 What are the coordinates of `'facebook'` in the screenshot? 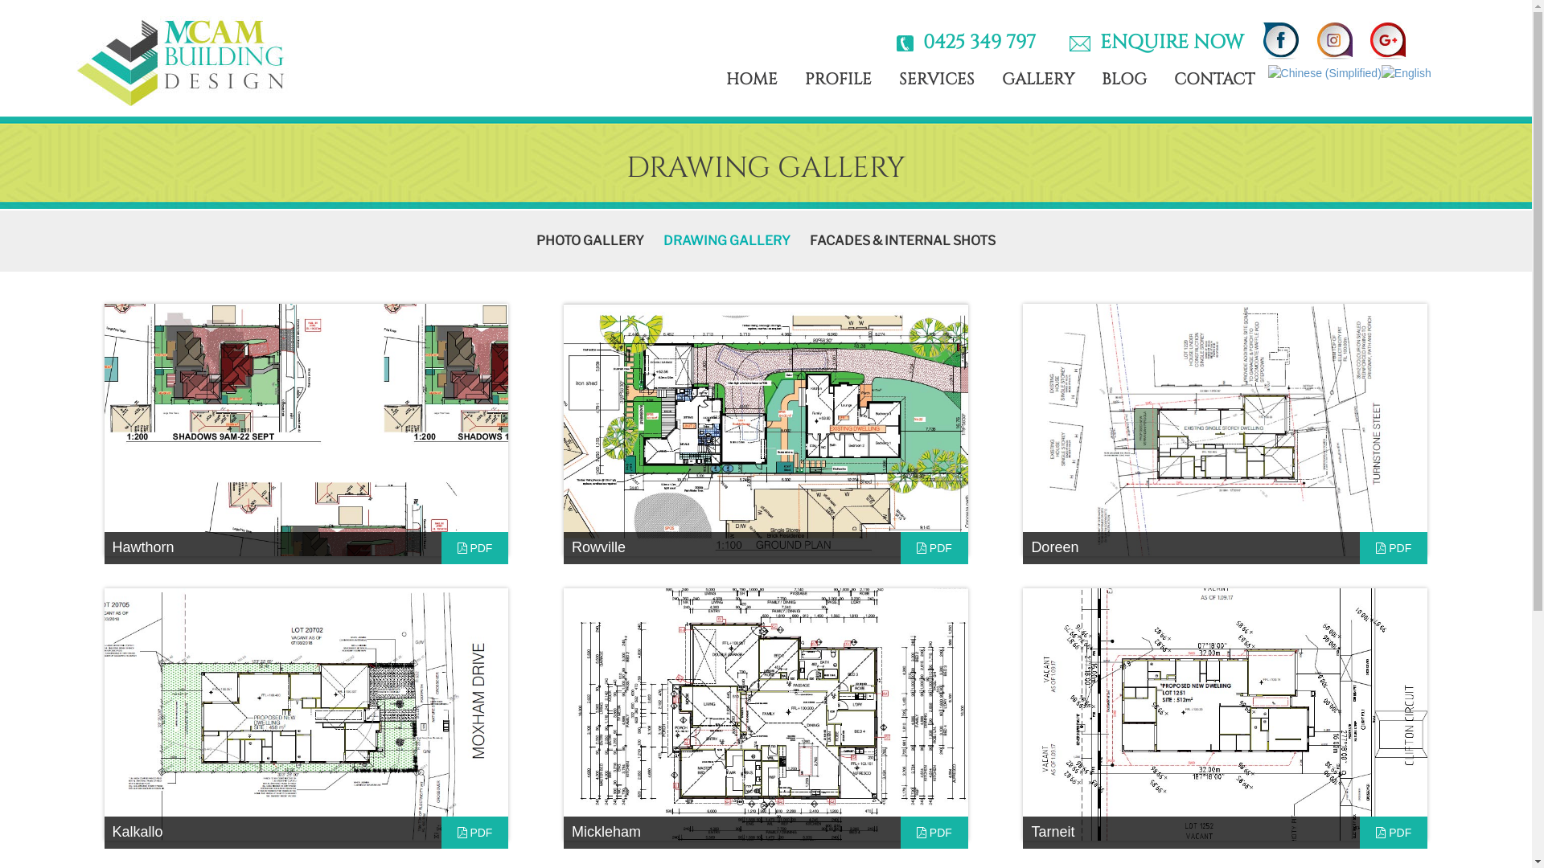 It's located at (1253, 39).